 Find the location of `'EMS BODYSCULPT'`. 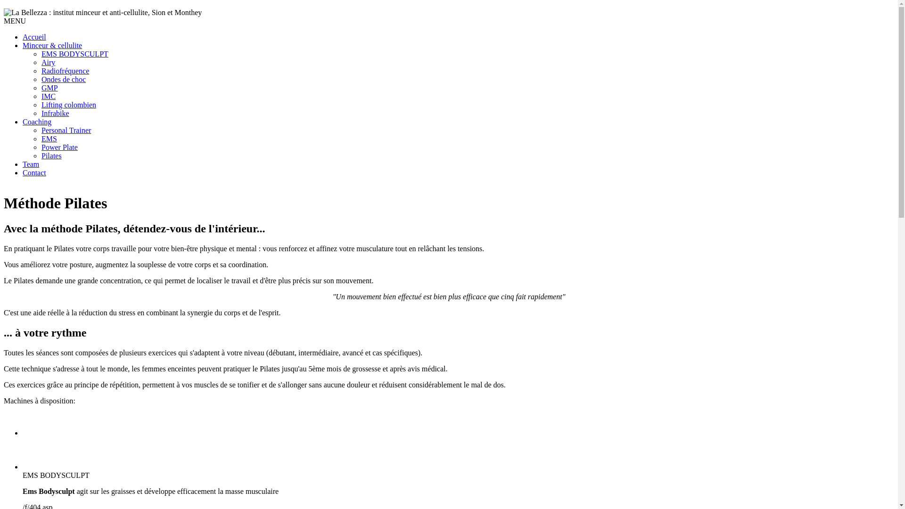

'EMS BODYSCULPT' is located at coordinates (74, 54).